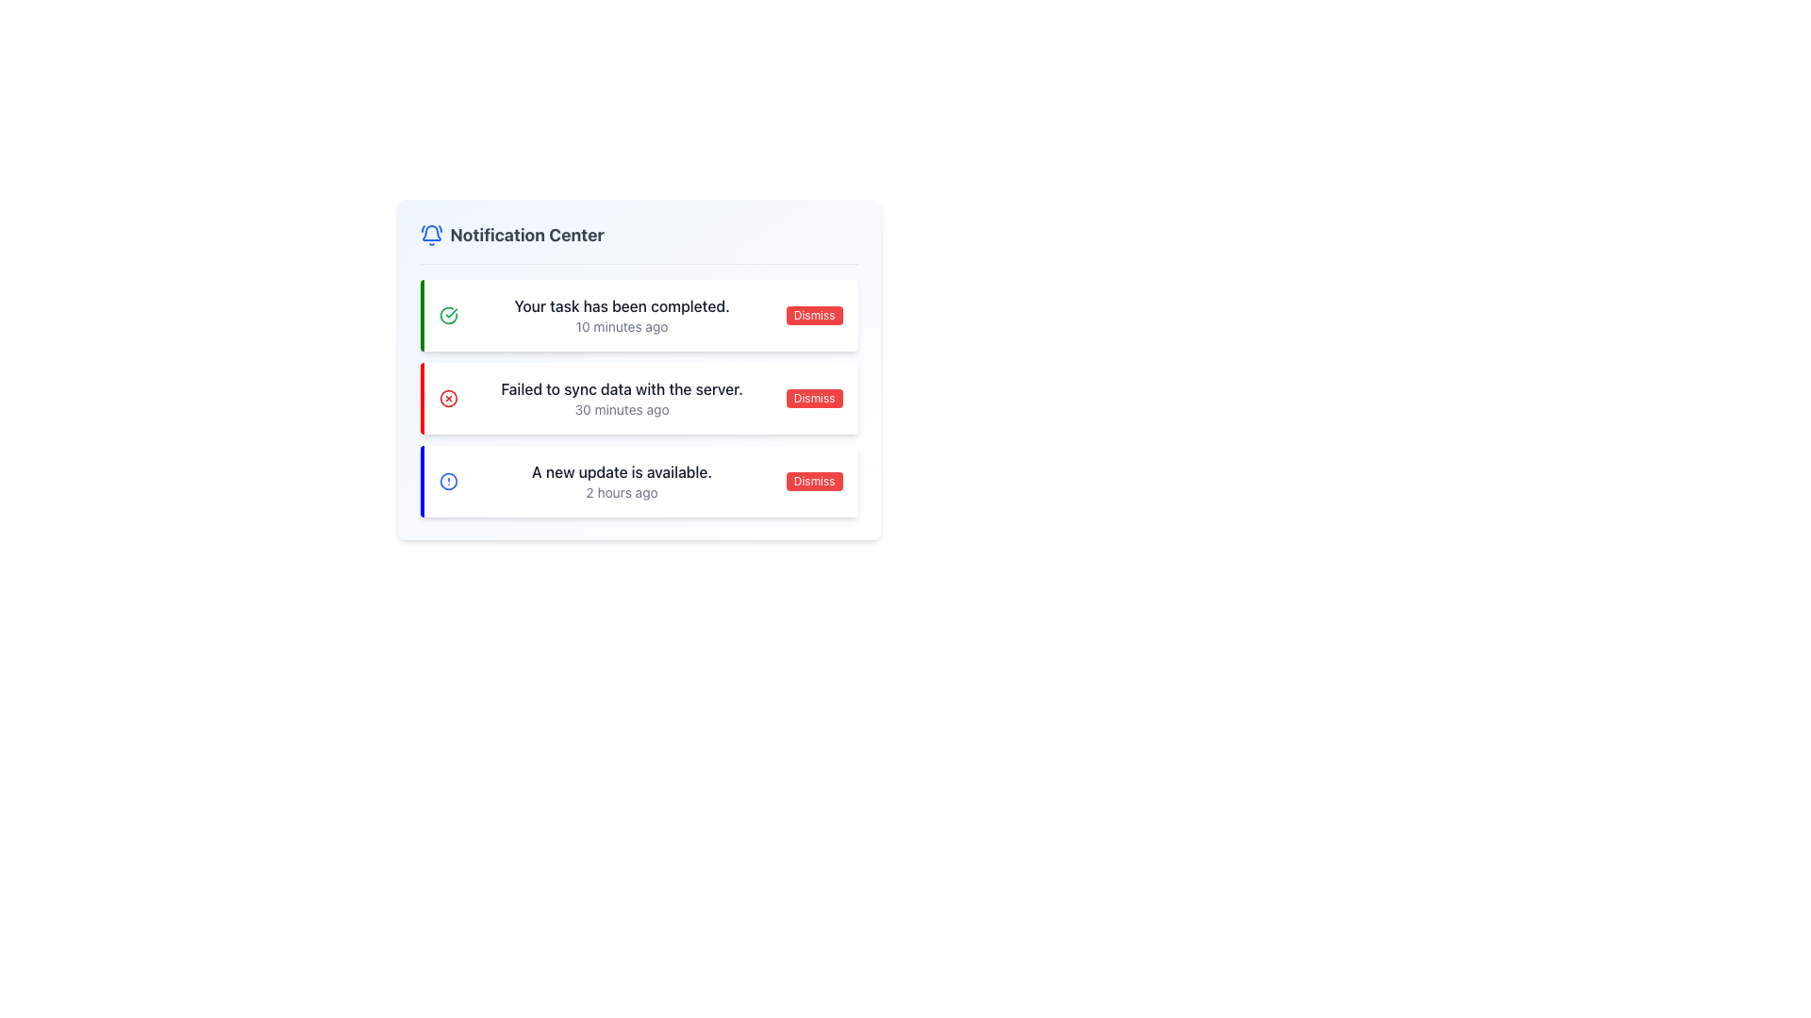  What do you see at coordinates (622, 480) in the screenshot?
I see `the main content of the third notification card in the 'Notification Center' that provides information about a new update and the time since the notification was issued` at bounding box center [622, 480].